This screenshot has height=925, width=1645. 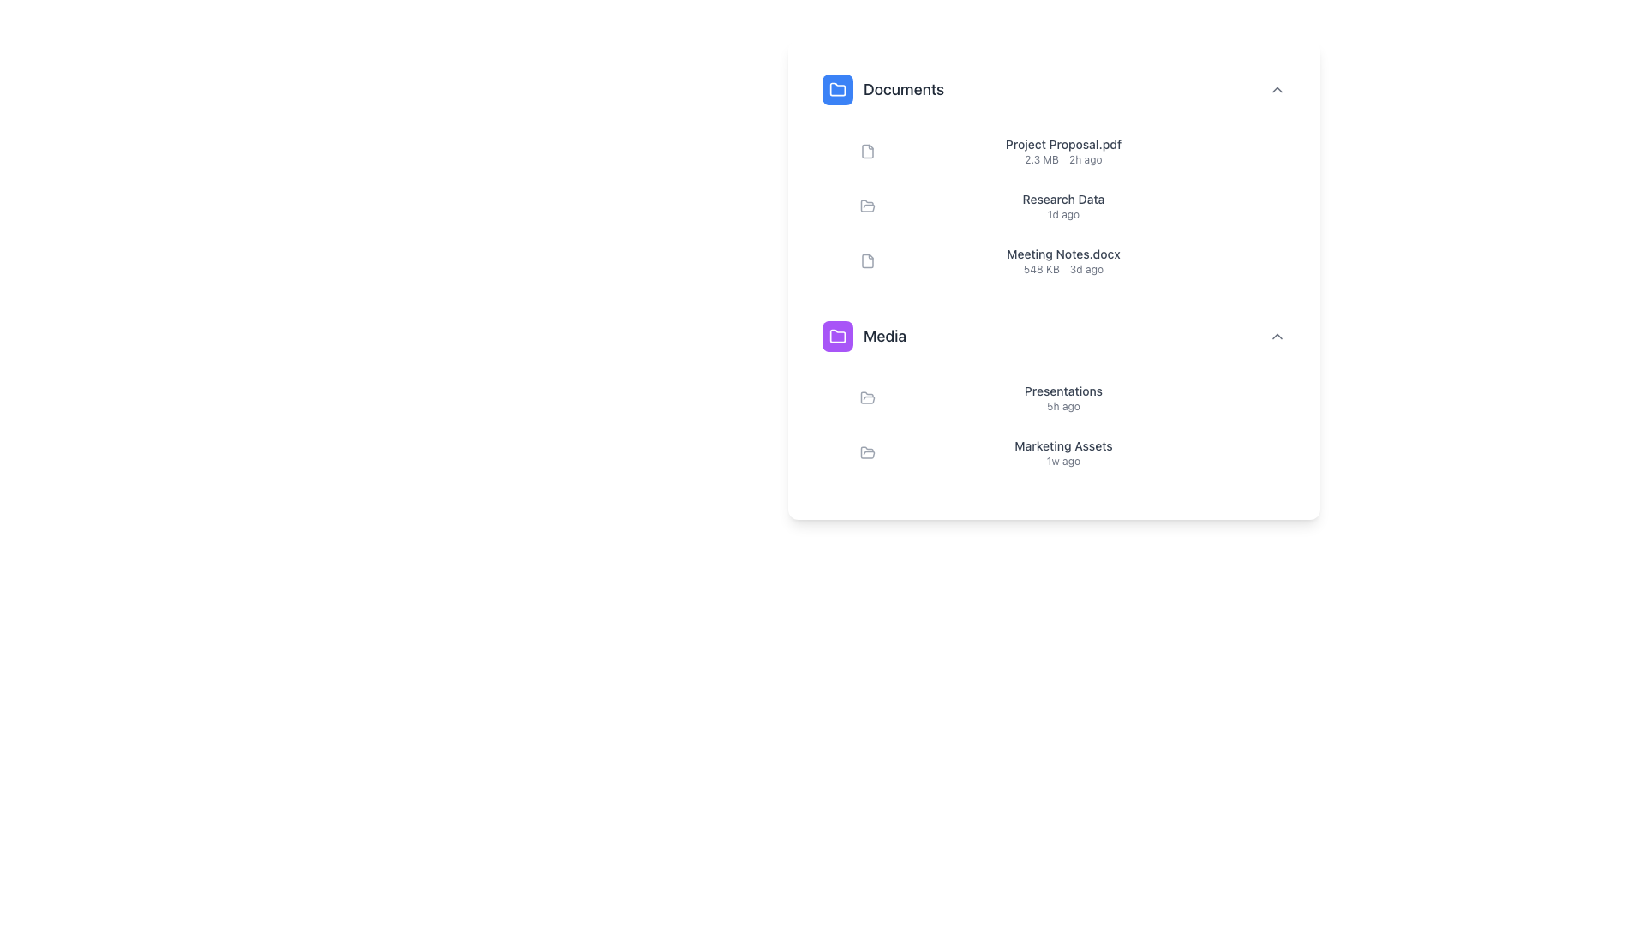 What do you see at coordinates (1062, 159) in the screenshot?
I see `the text label displaying the file metadata '2.3 MB 2h ago' located directly below the filename 'Project Proposal.pdf' in the Documents category` at bounding box center [1062, 159].